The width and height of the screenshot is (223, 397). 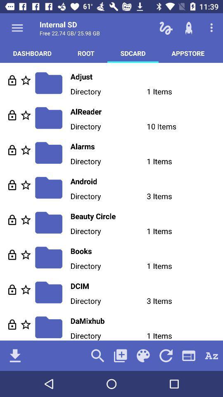 What do you see at coordinates (133, 53) in the screenshot?
I see `sdcard item` at bounding box center [133, 53].